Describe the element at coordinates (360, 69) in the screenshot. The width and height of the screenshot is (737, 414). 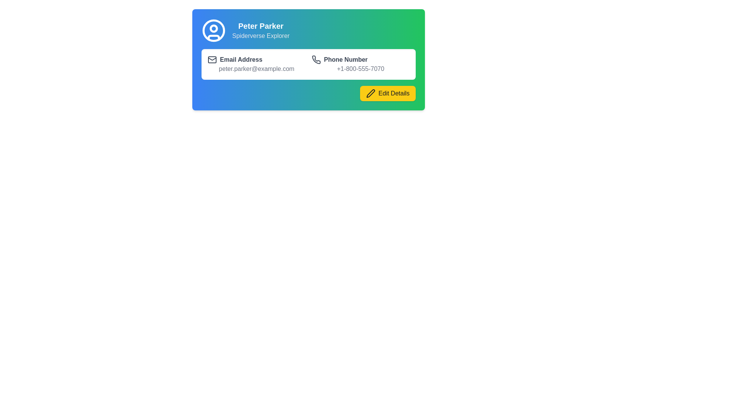
I see `the Text label displaying the phone number, which is located under the 'Phone Number' text and icon in the contact information section` at that location.